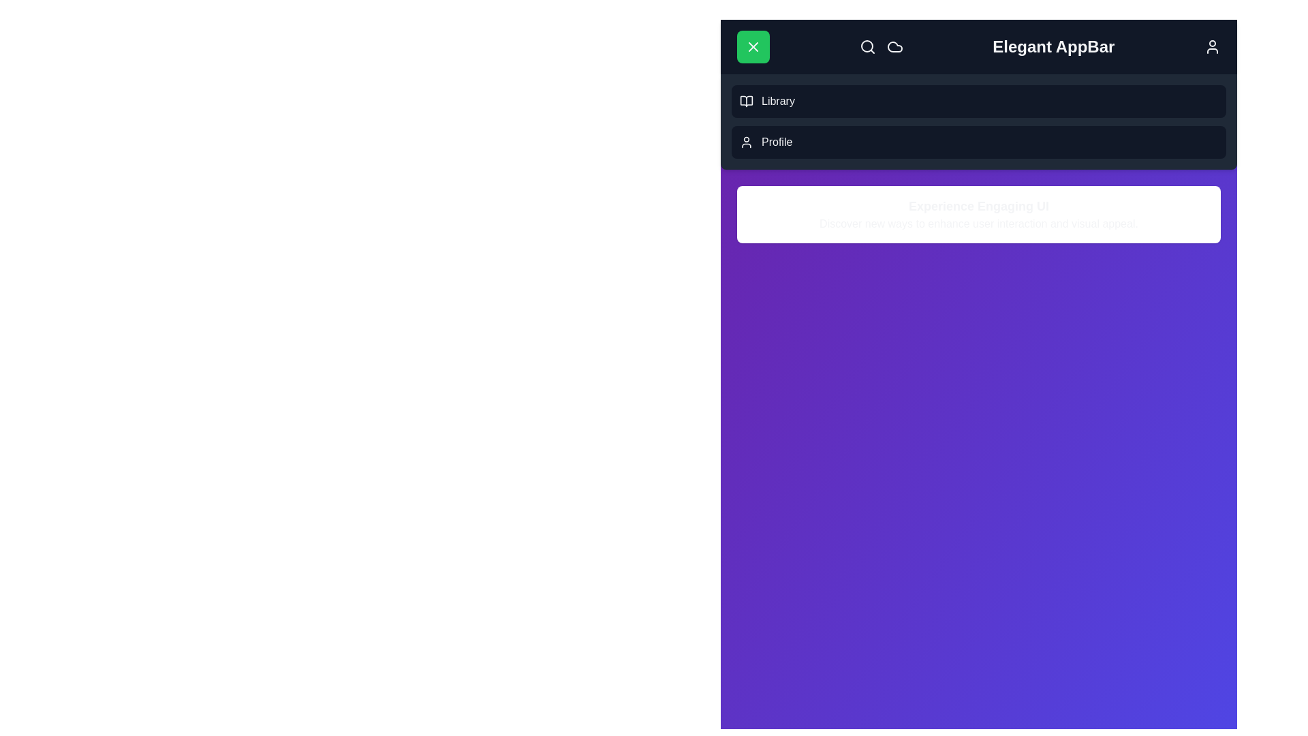  Describe the element at coordinates (777, 142) in the screenshot. I see `the 'Profile' option in the menu` at that location.